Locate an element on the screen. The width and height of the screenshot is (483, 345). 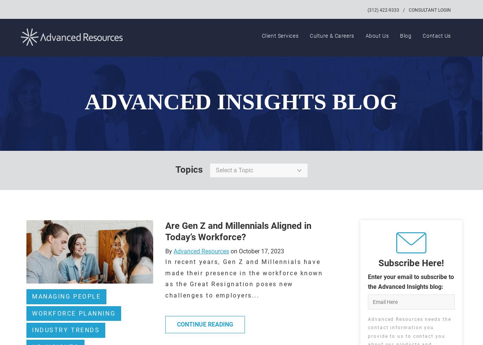
'By' is located at coordinates (164, 251).